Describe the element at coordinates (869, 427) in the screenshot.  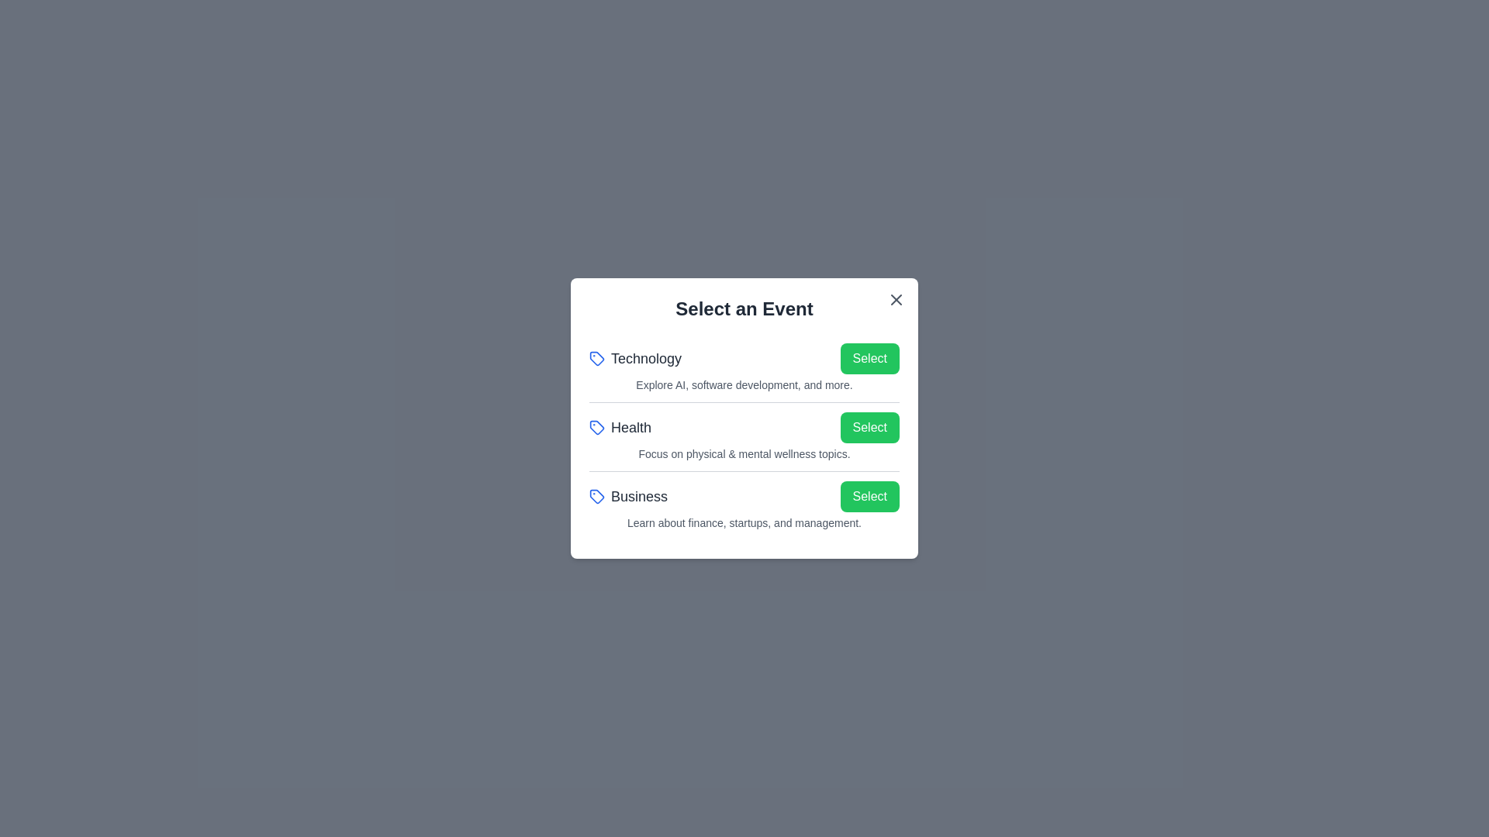
I see `the 'Select' button for the 'Health' category` at that location.